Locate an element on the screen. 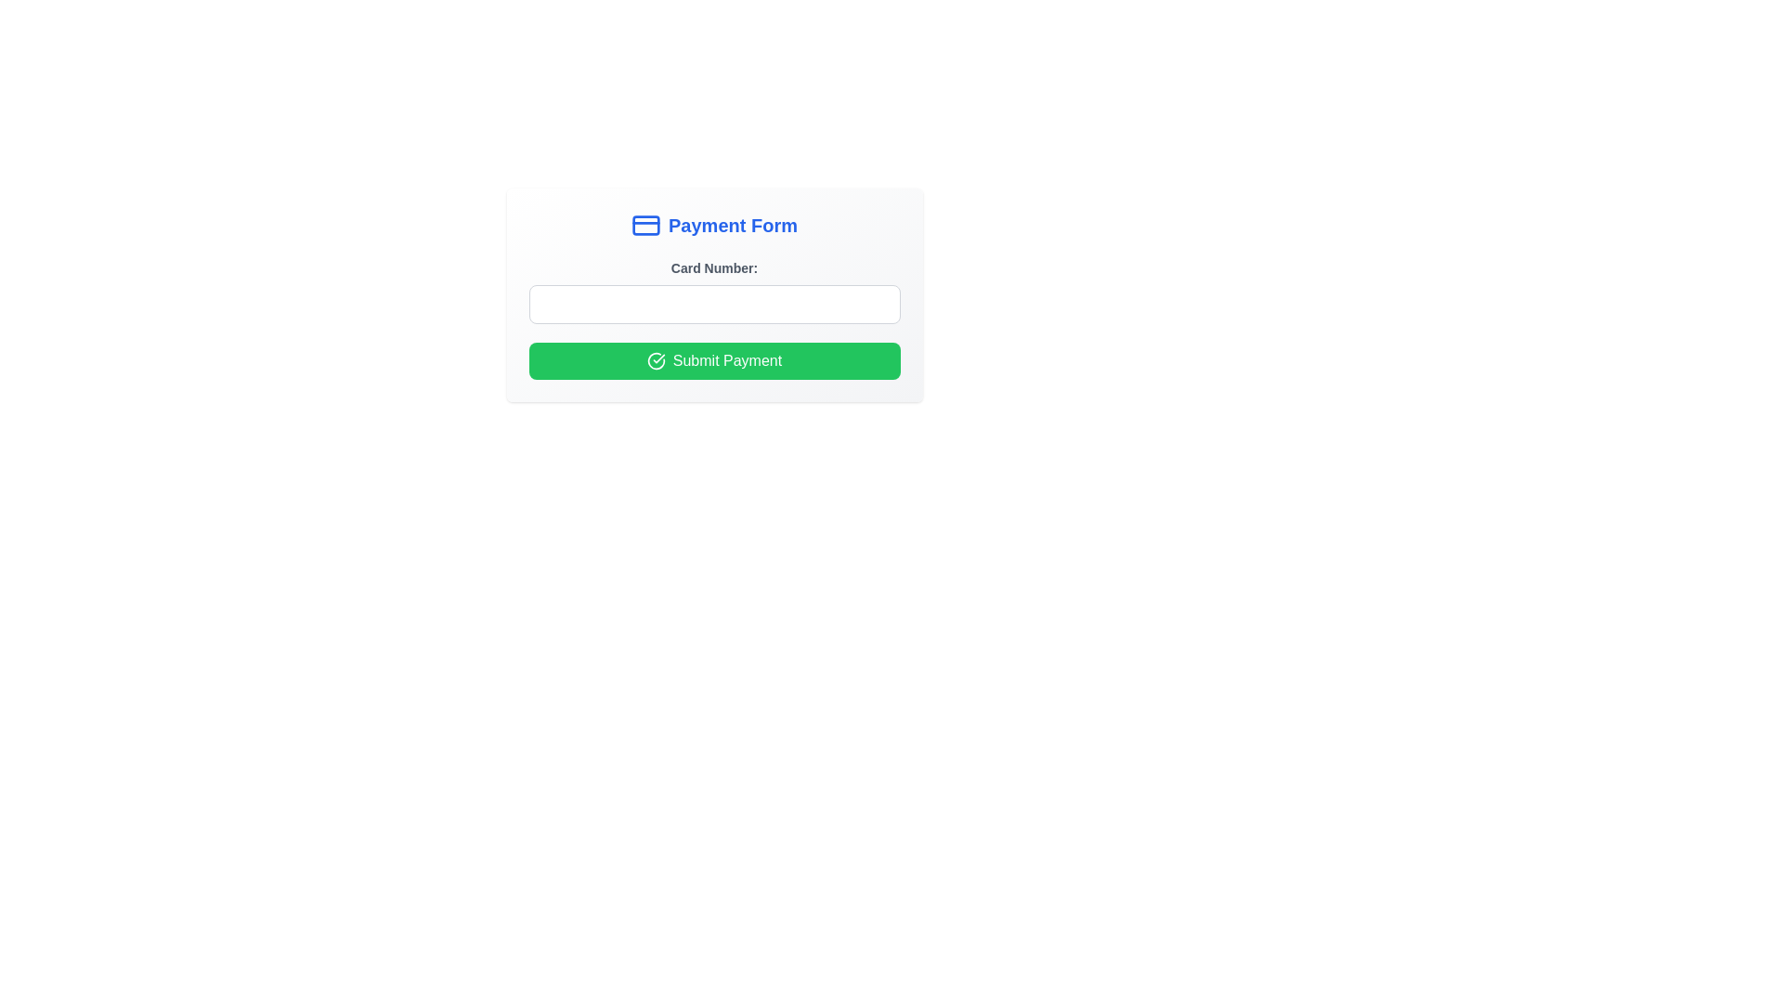 Image resolution: width=1783 pixels, height=1003 pixels. the payment submission button located at the bottom of the 'Payment Form', below the 'Card Number' label and input field is located at coordinates (713, 361).